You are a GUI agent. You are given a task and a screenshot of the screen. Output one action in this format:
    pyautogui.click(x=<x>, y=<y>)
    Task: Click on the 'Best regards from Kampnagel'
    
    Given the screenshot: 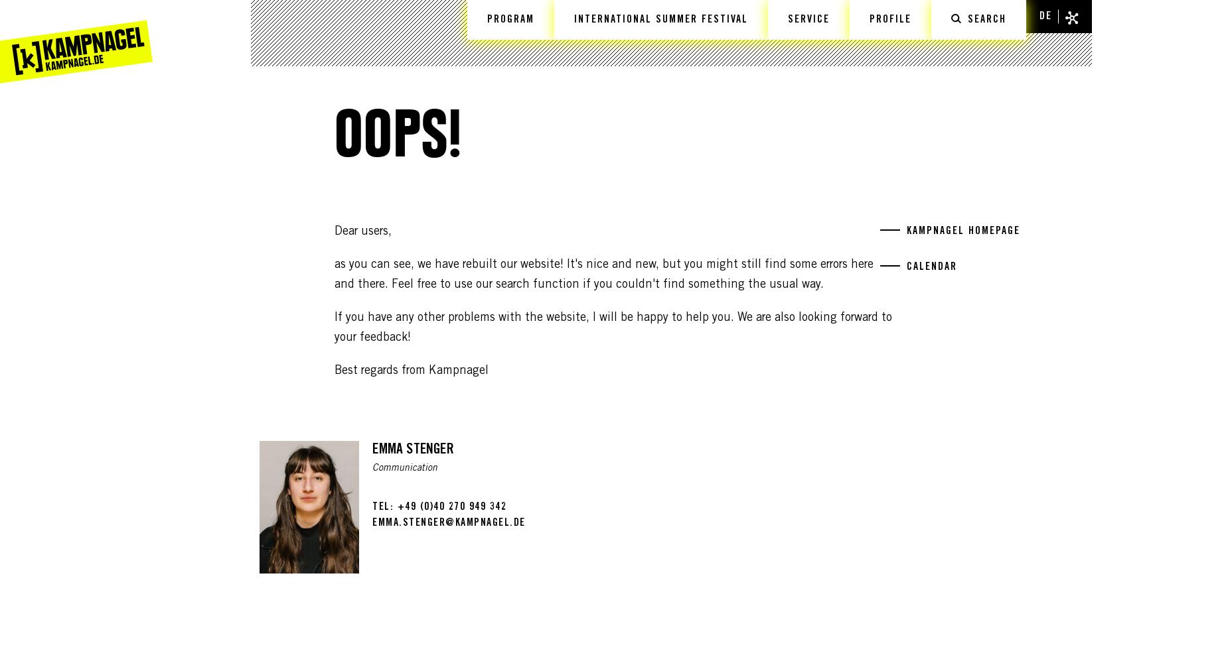 What is the action you would take?
    pyautogui.click(x=411, y=371)
    